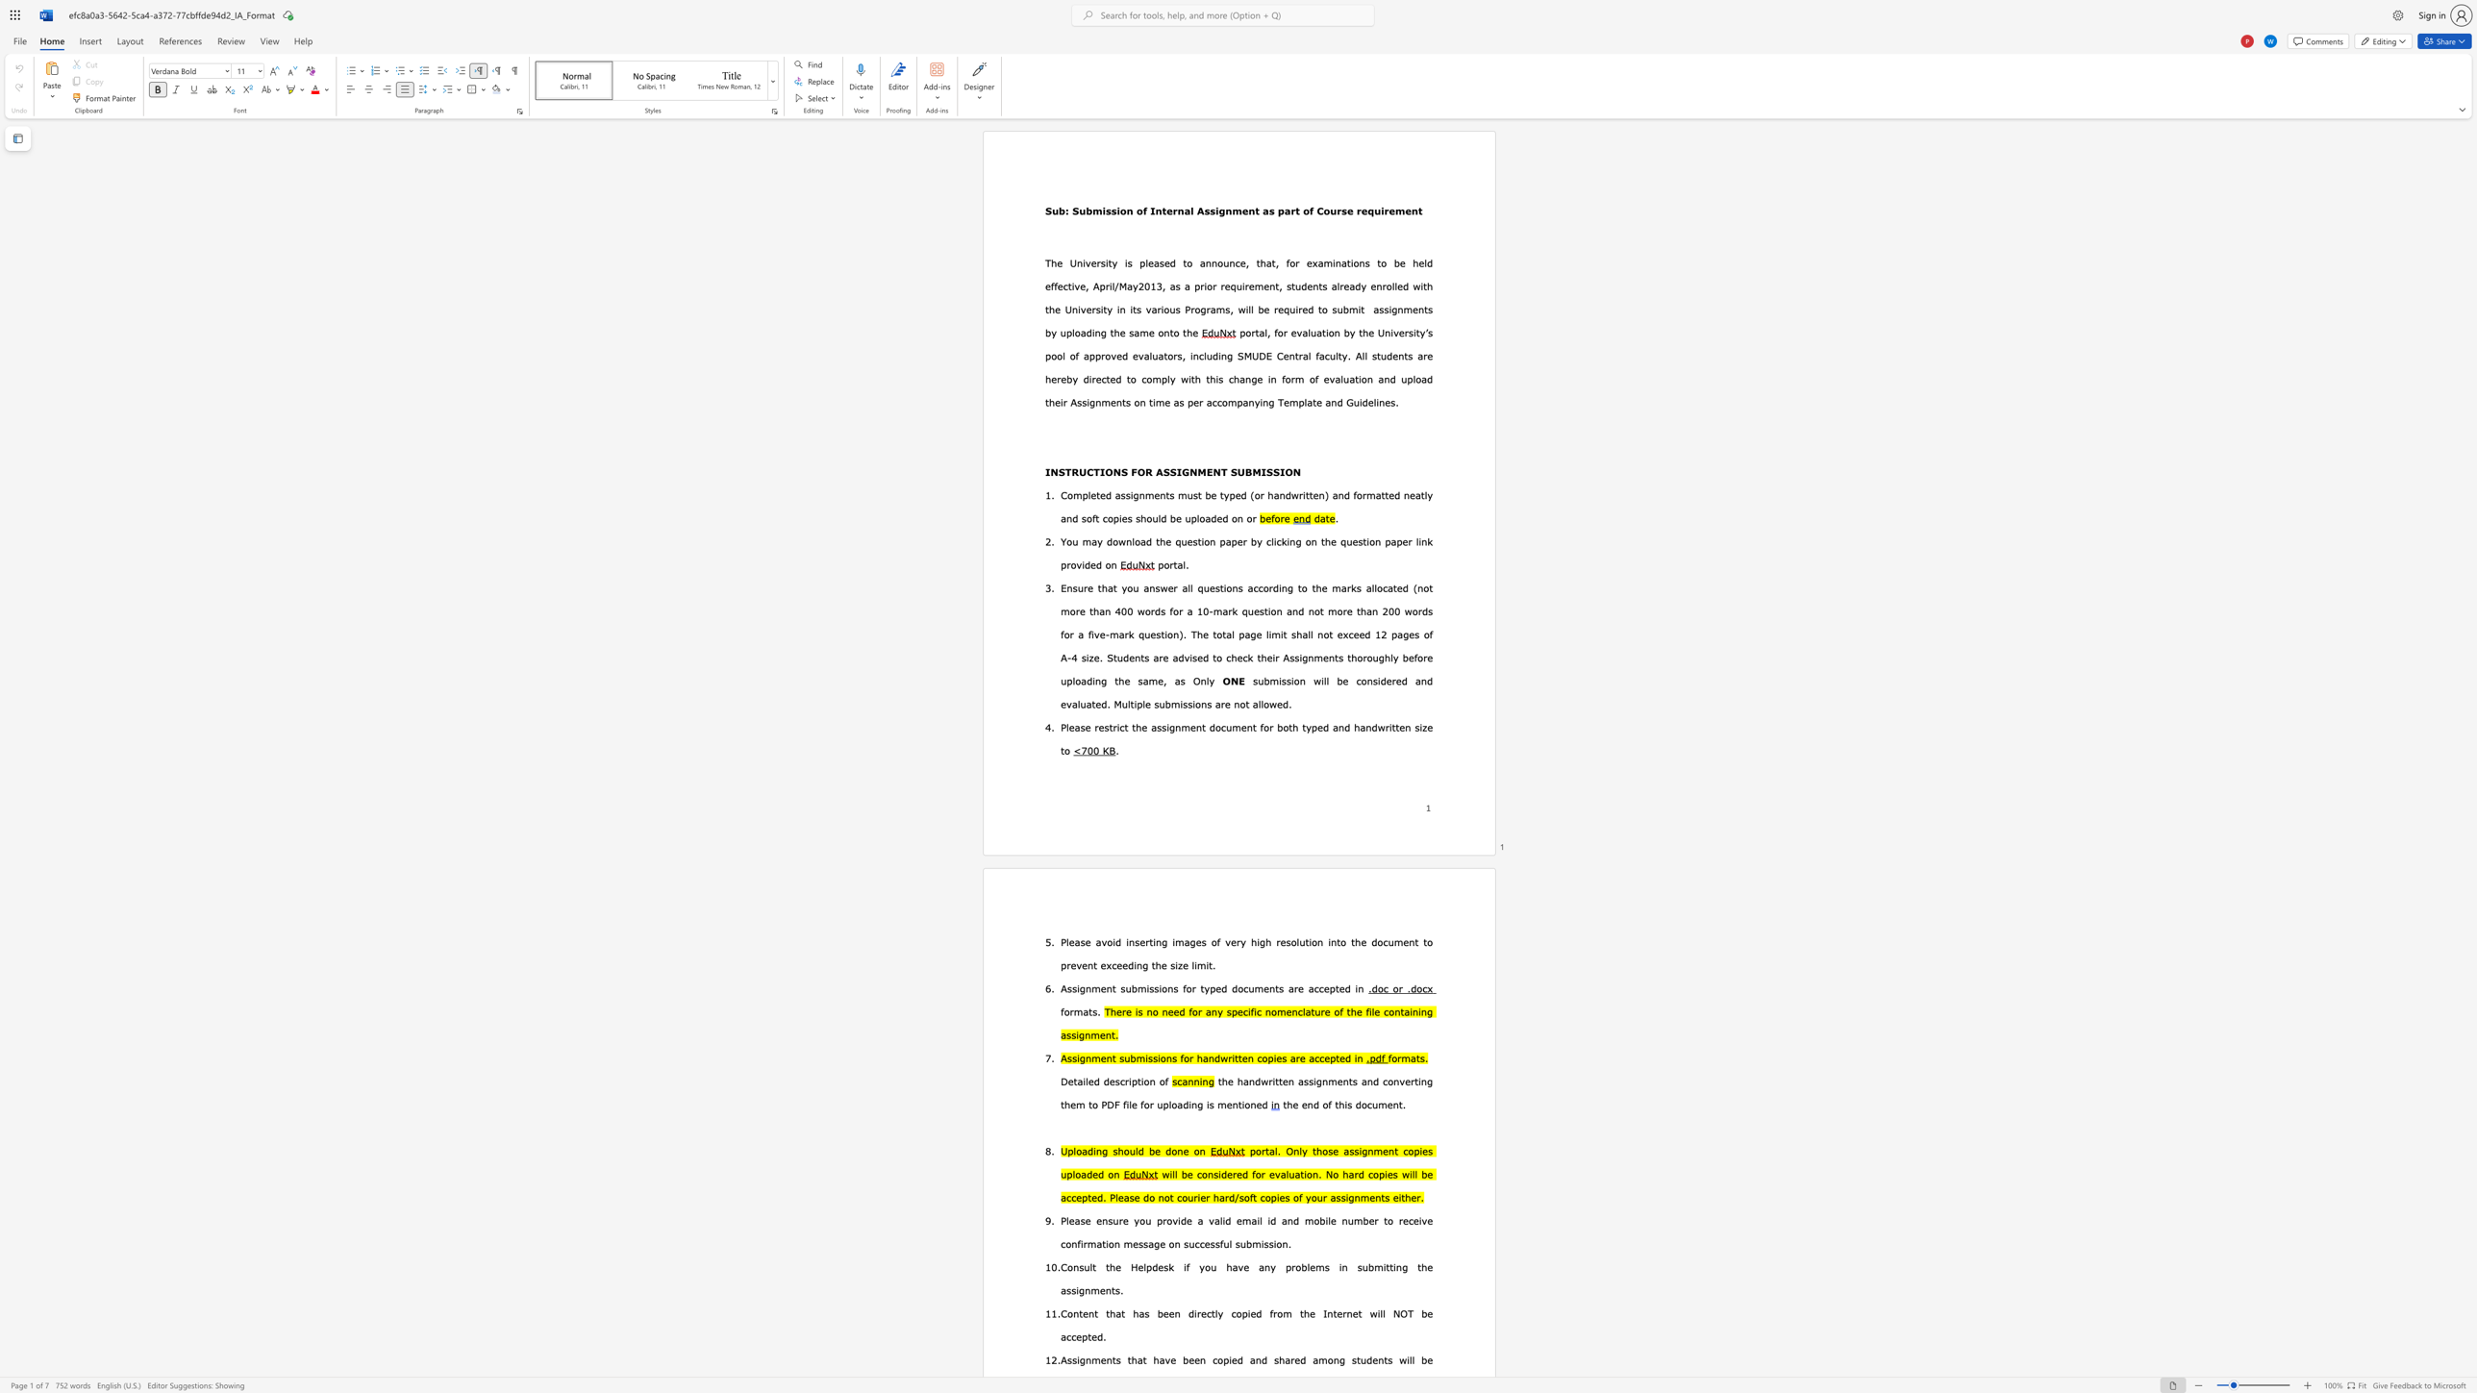 The image size is (2477, 1393). What do you see at coordinates (1141, 1082) in the screenshot?
I see `the subset text "ion" within the text "Detailed description of"` at bounding box center [1141, 1082].